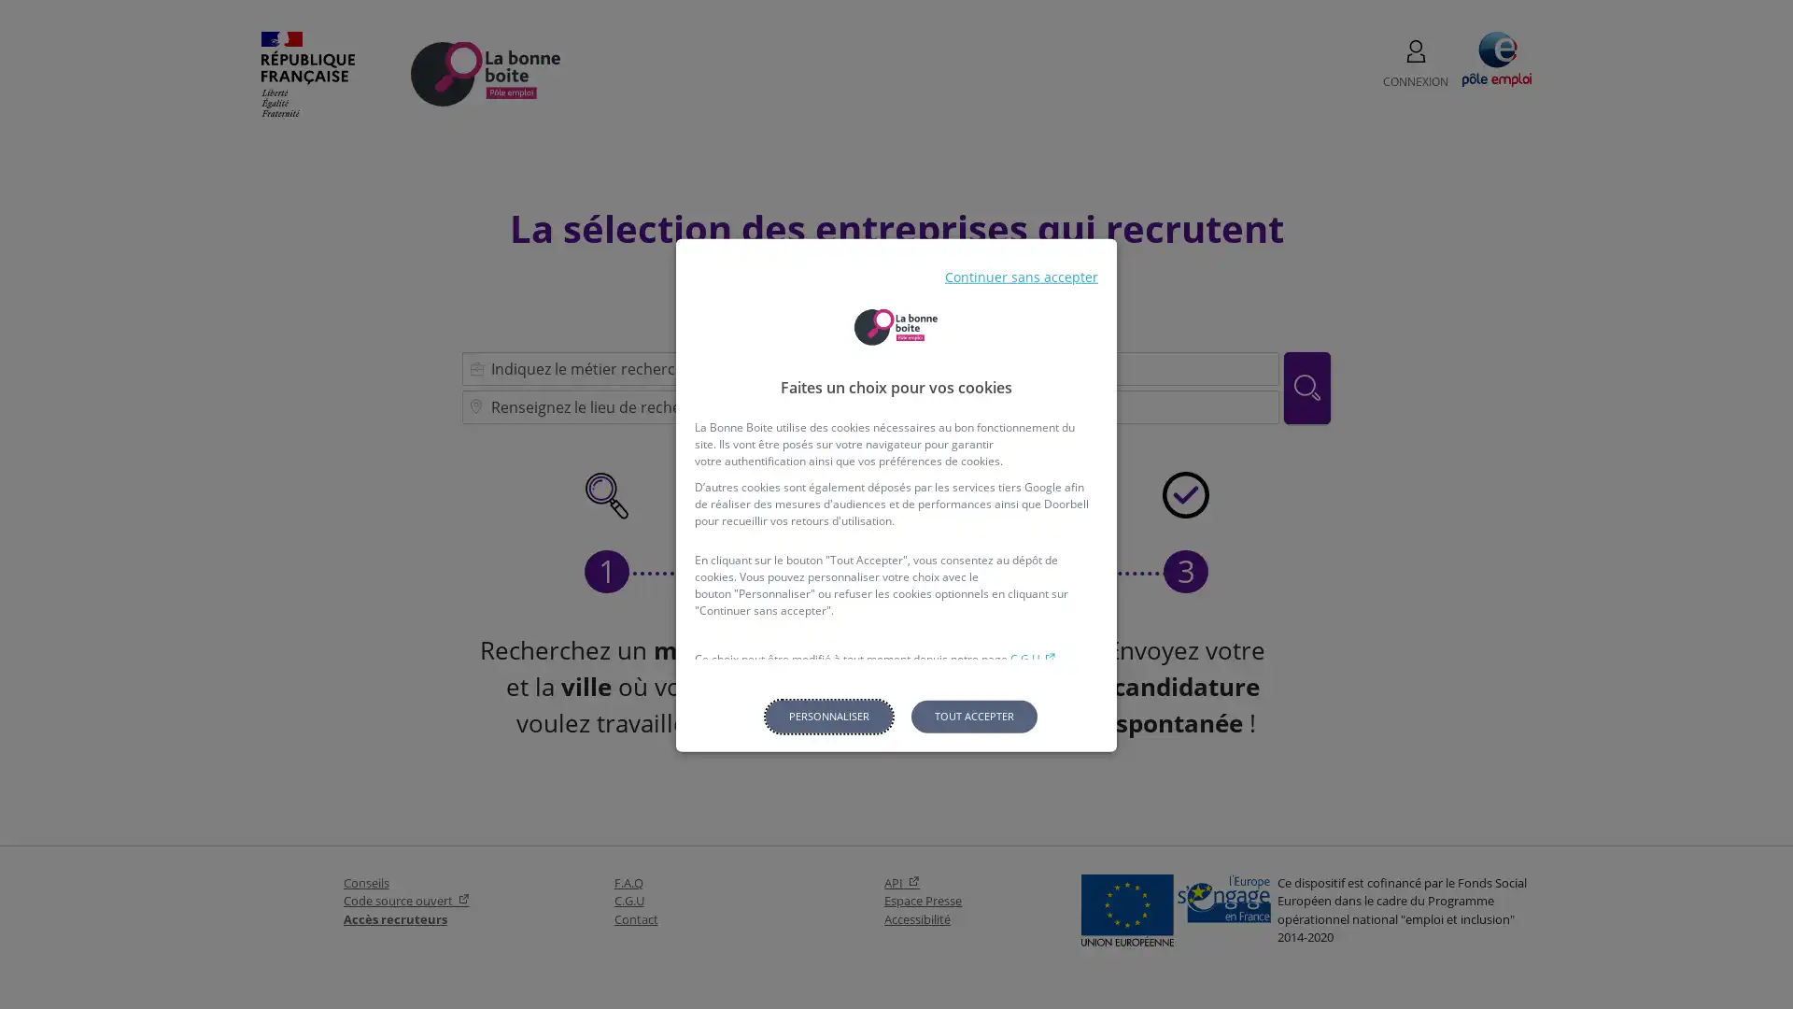  Describe the element at coordinates (972, 715) in the screenshot. I see `Tout accepter` at that location.